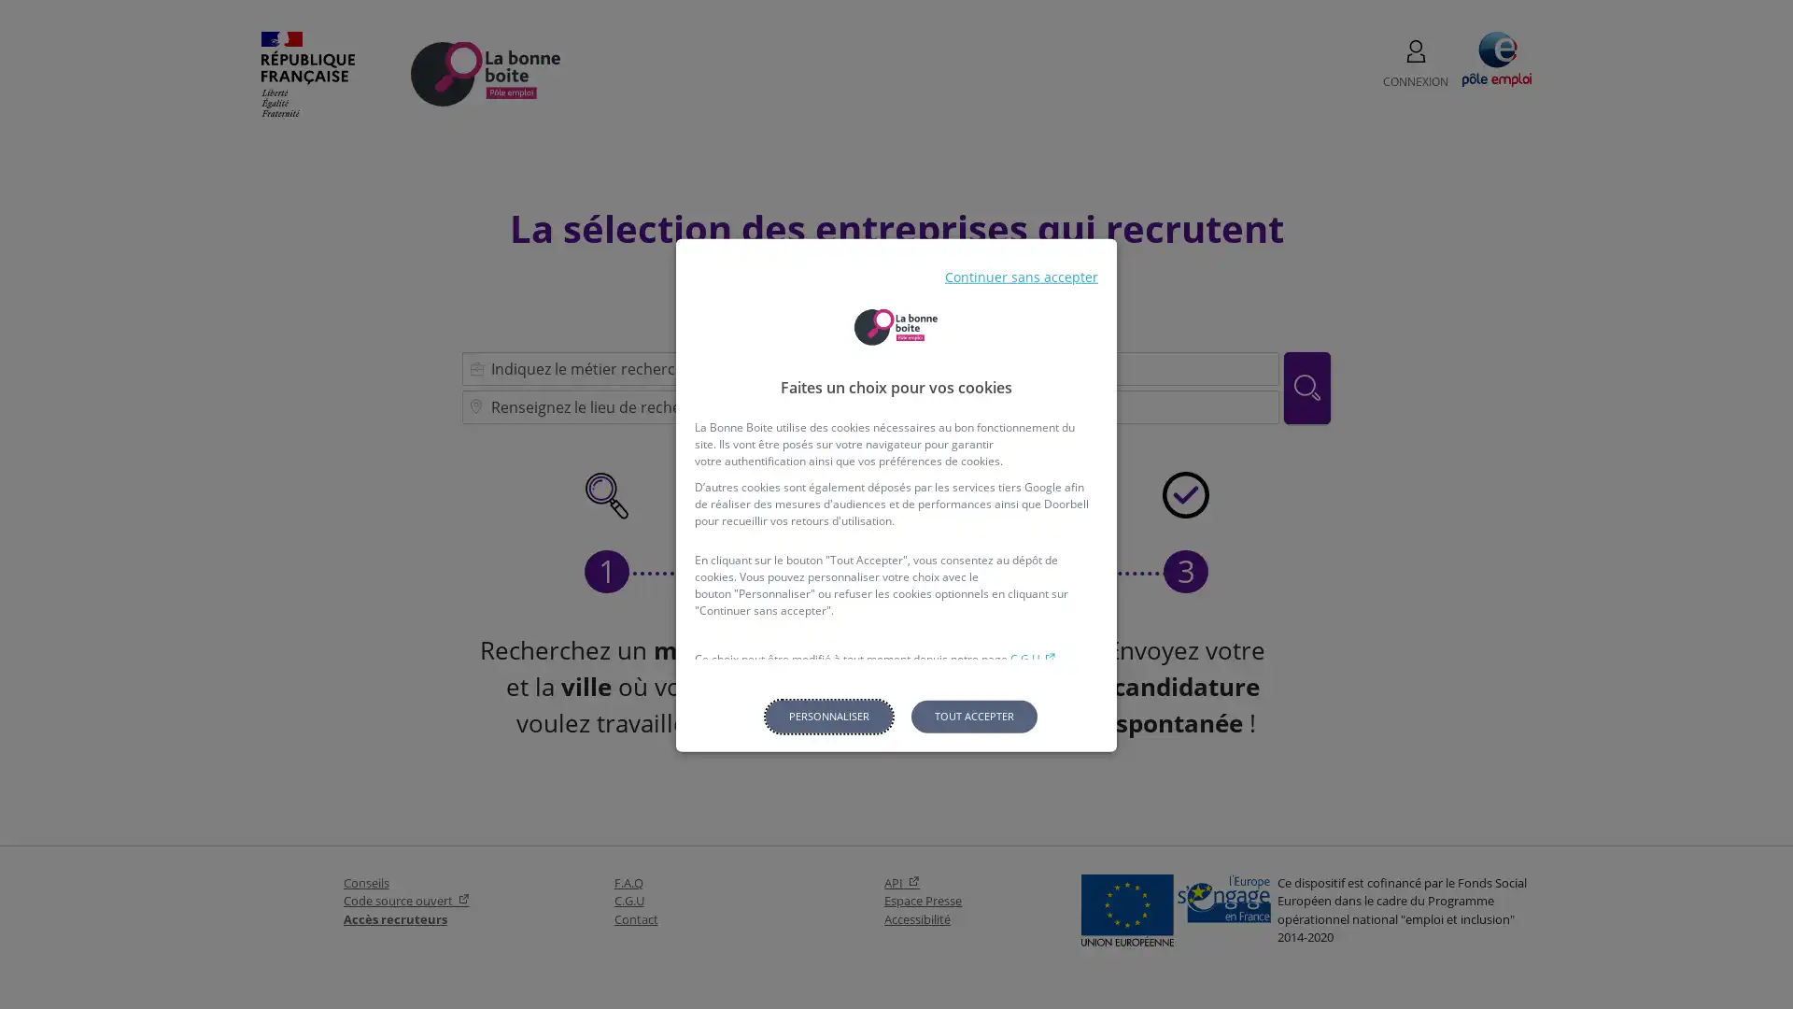  Describe the element at coordinates (972, 715) in the screenshot. I see `Tout accepter` at that location.